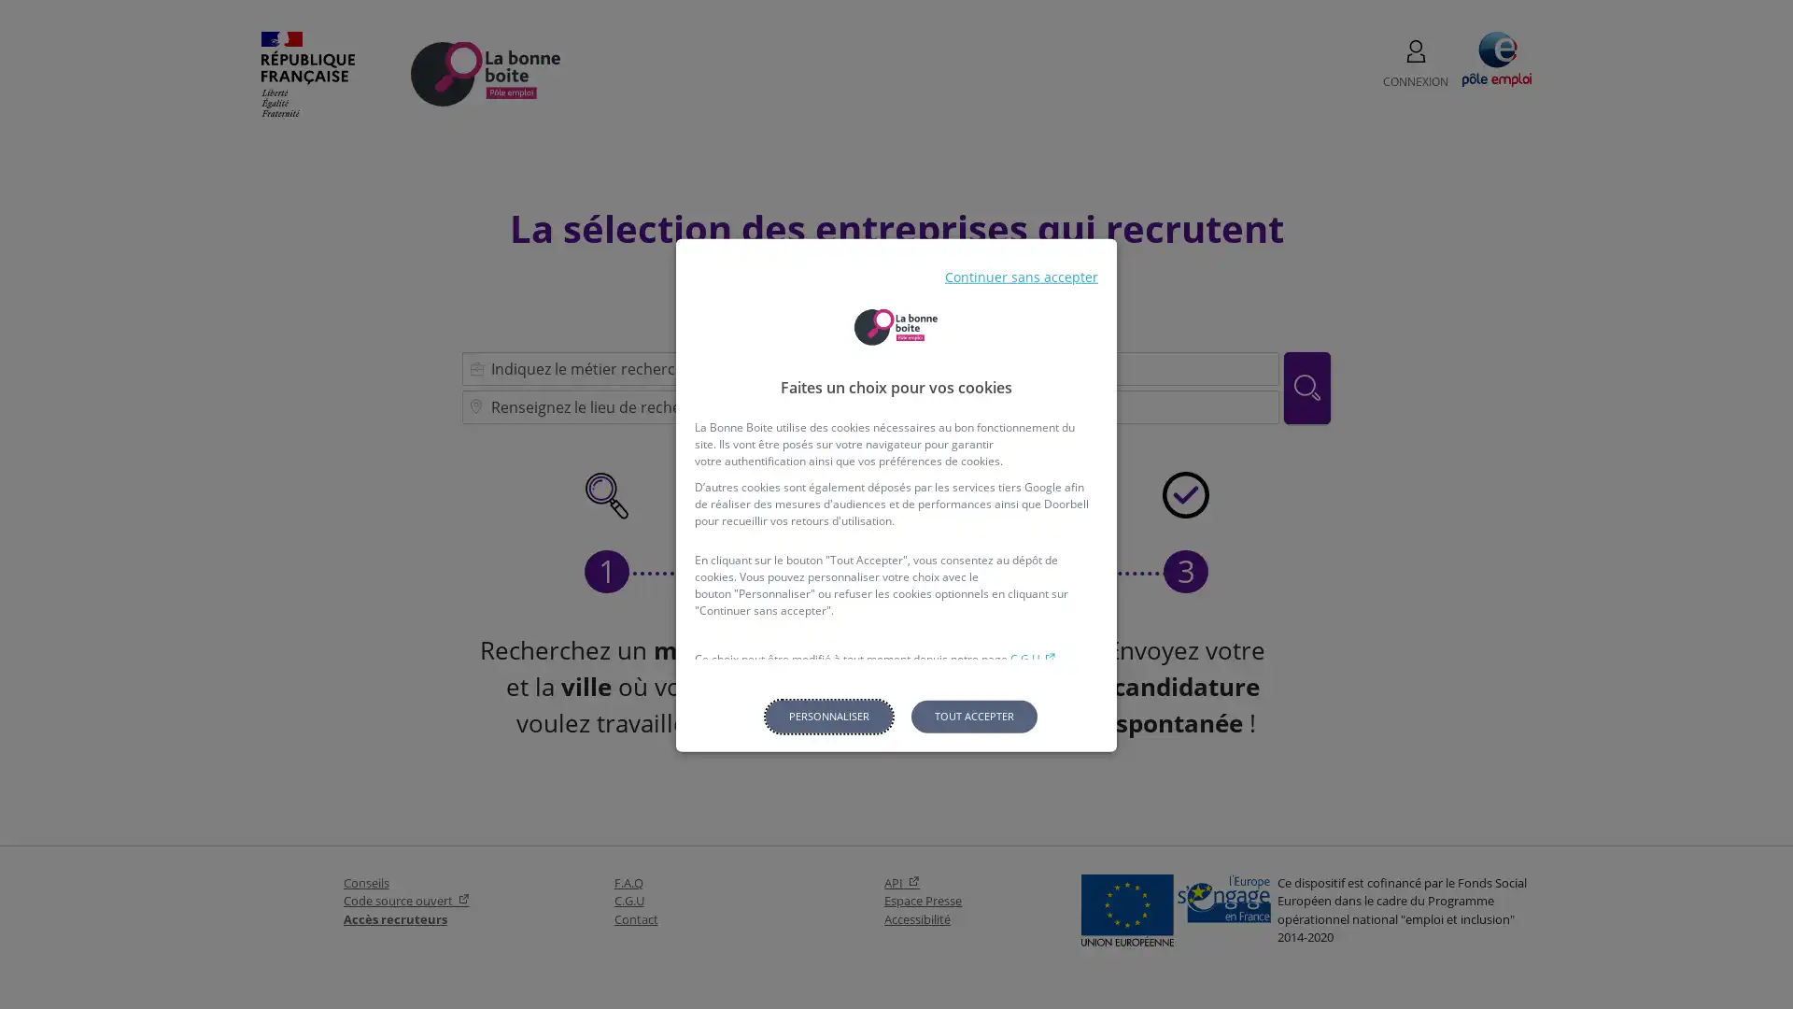  Describe the element at coordinates (972, 715) in the screenshot. I see `Tout accepter` at that location.